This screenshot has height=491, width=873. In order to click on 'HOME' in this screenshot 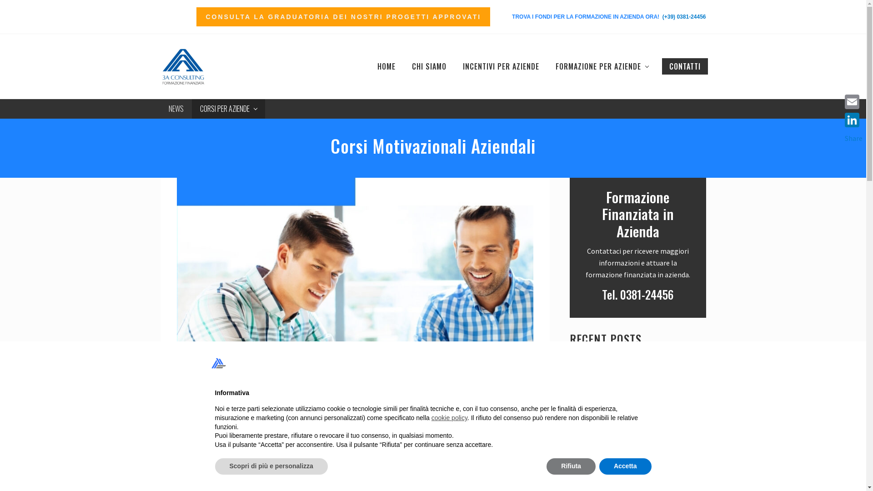, I will do `click(386, 66)`.